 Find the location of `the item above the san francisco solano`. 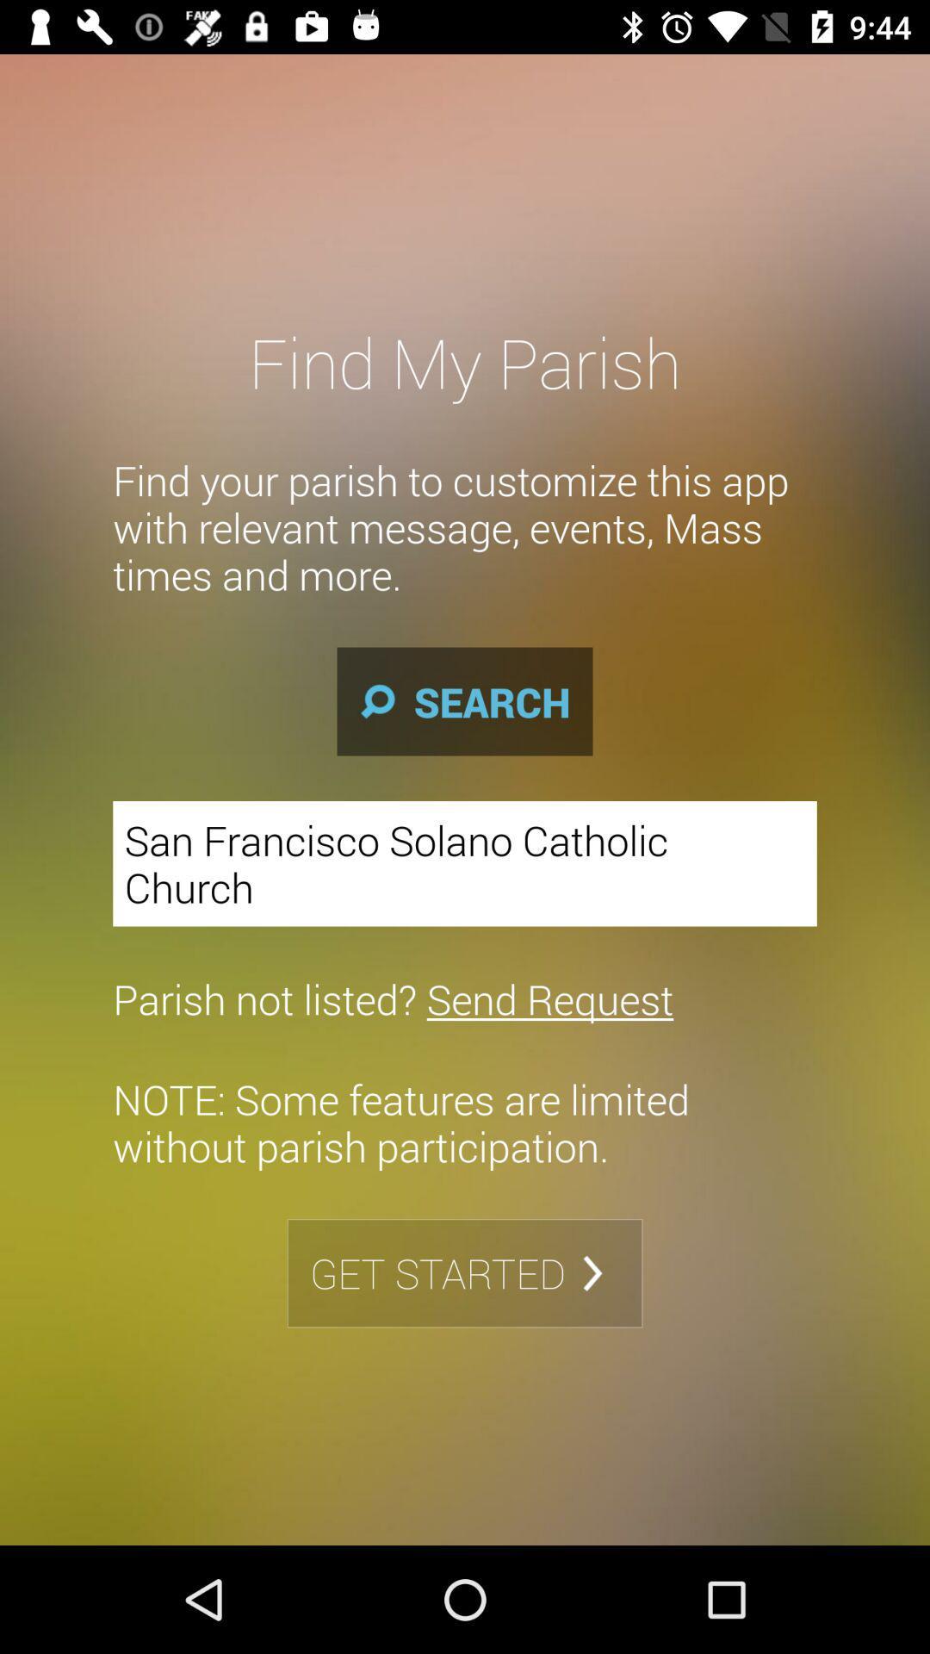

the item above the san francisco solano is located at coordinates (465, 701).